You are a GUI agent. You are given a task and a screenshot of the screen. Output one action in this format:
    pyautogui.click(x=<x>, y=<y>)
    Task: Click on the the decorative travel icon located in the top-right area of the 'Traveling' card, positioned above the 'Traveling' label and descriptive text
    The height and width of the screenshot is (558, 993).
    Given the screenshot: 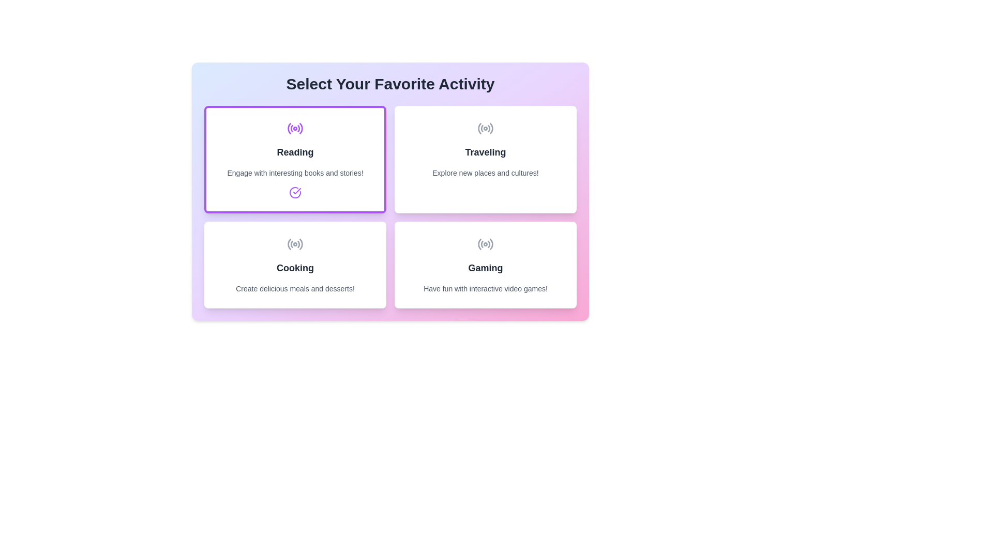 What is the action you would take?
    pyautogui.click(x=485, y=128)
    